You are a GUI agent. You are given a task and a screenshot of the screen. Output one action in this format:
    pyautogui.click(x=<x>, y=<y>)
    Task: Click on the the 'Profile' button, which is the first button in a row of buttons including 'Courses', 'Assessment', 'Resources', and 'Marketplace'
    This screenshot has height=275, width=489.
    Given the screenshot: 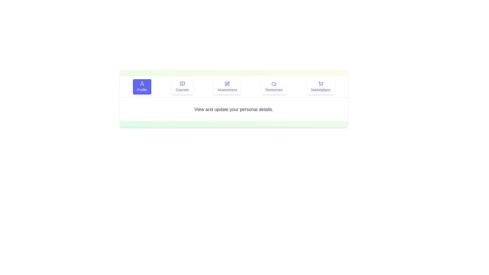 What is the action you would take?
    pyautogui.click(x=142, y=86)
    